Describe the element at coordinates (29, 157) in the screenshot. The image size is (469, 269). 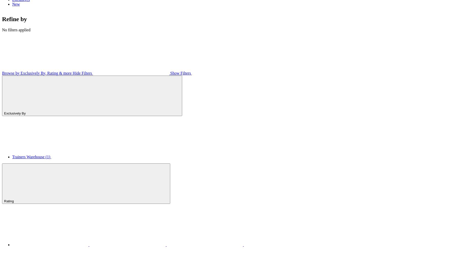
I see `'Trainers Warehouse'` at that location.